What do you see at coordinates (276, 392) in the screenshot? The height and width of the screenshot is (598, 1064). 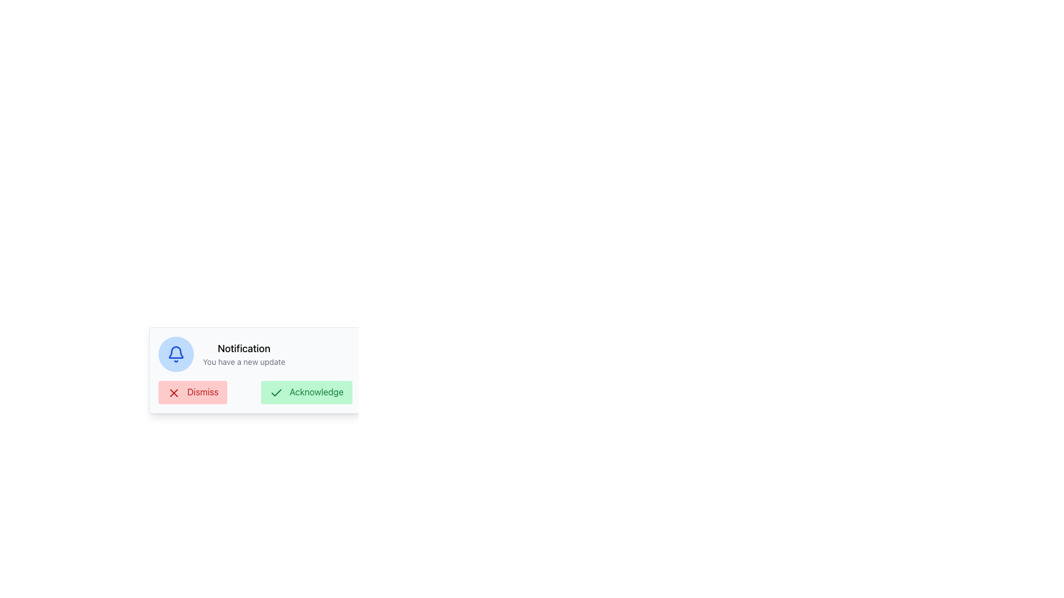 I see `the confirmation icon located inside the green 'Acknowledge' button on the right side of the action panel` at bounding box center [276, 392].